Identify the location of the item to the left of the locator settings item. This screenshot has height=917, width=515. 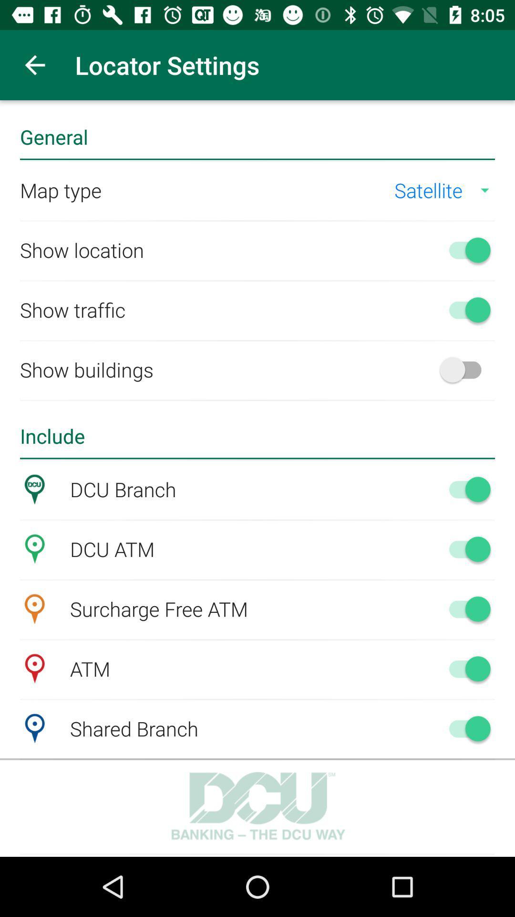
(34, 64).